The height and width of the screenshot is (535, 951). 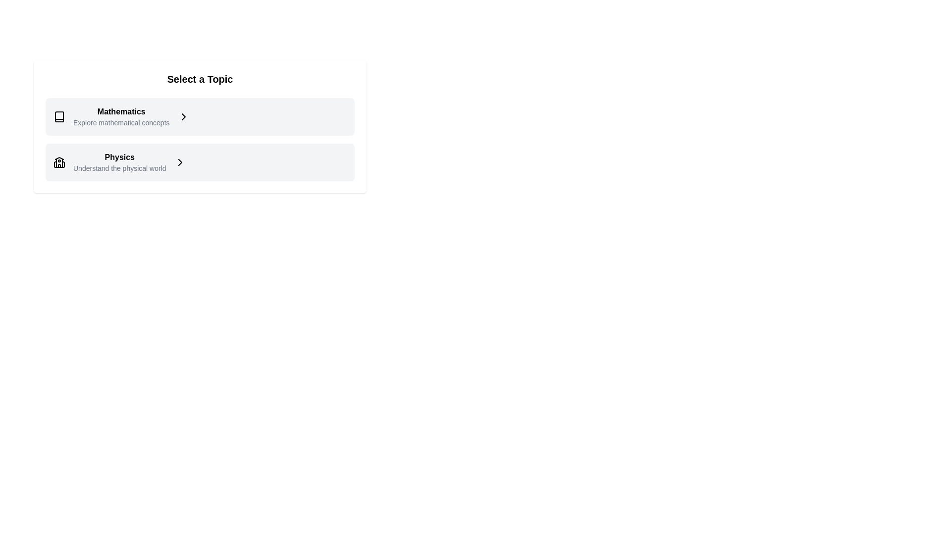 What do you see at coordinates (121, 122) in the screenshot?
I see `the Text Label that provides additional information for the 'Mathematics' topic, located directly underneath the bolded text 'Mathematics'` at bounding box center [121, 122].